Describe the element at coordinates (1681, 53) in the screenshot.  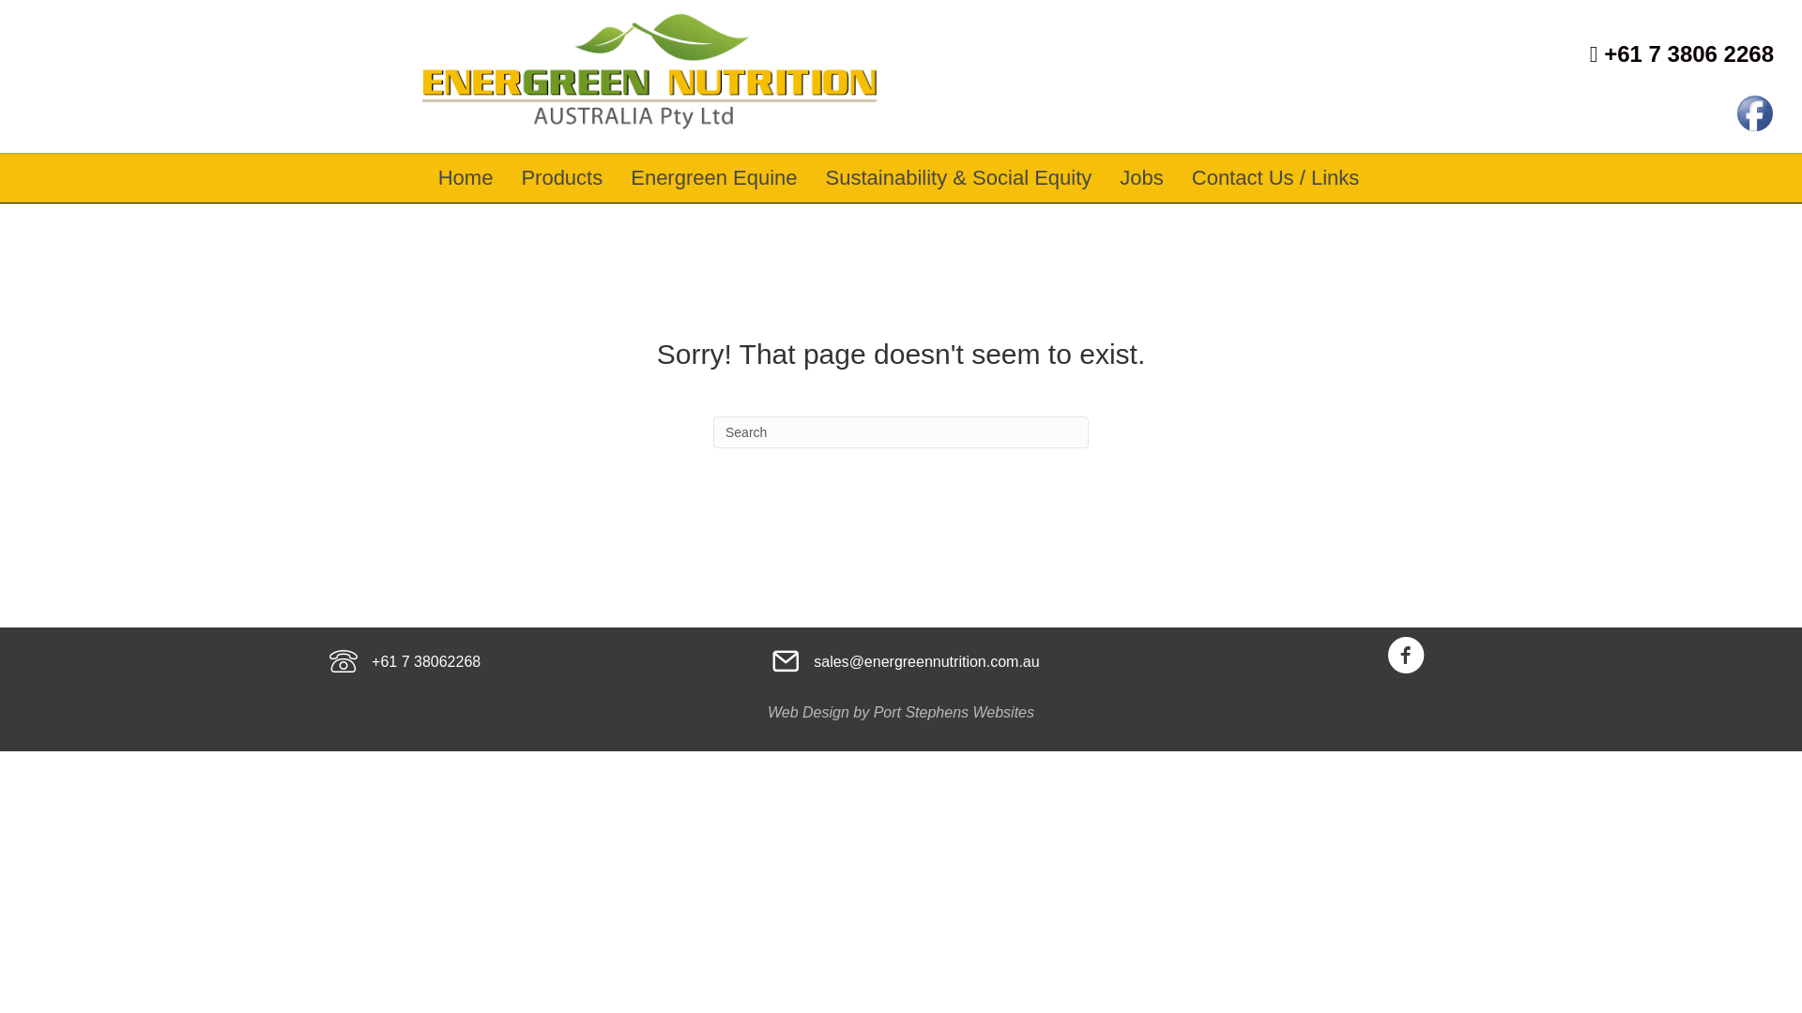
I see `'+61 7 3806 2268'` at that location.